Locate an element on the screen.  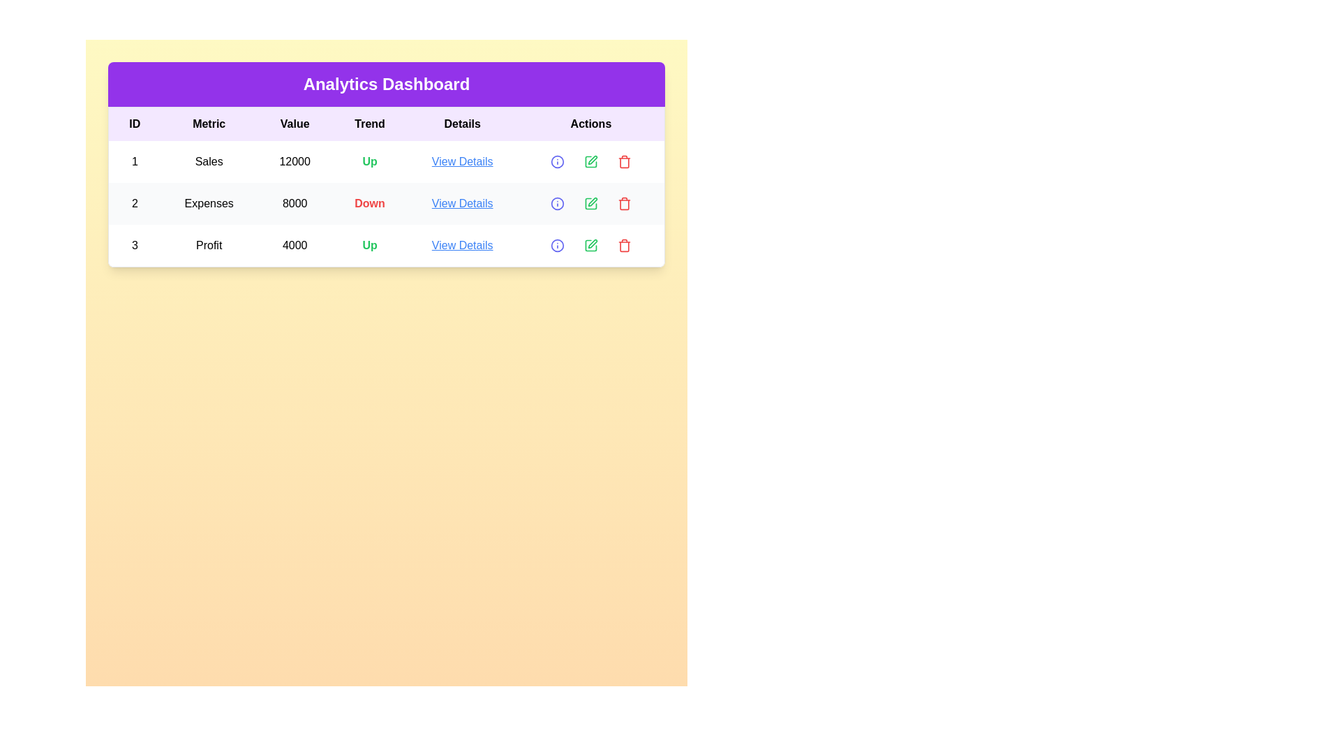
the static text element displaying '12000' in the 'Value' column of the 'Analytics Dashboard' table, which is associated with the metric 'Sales' is located at coordinates (294, 161).